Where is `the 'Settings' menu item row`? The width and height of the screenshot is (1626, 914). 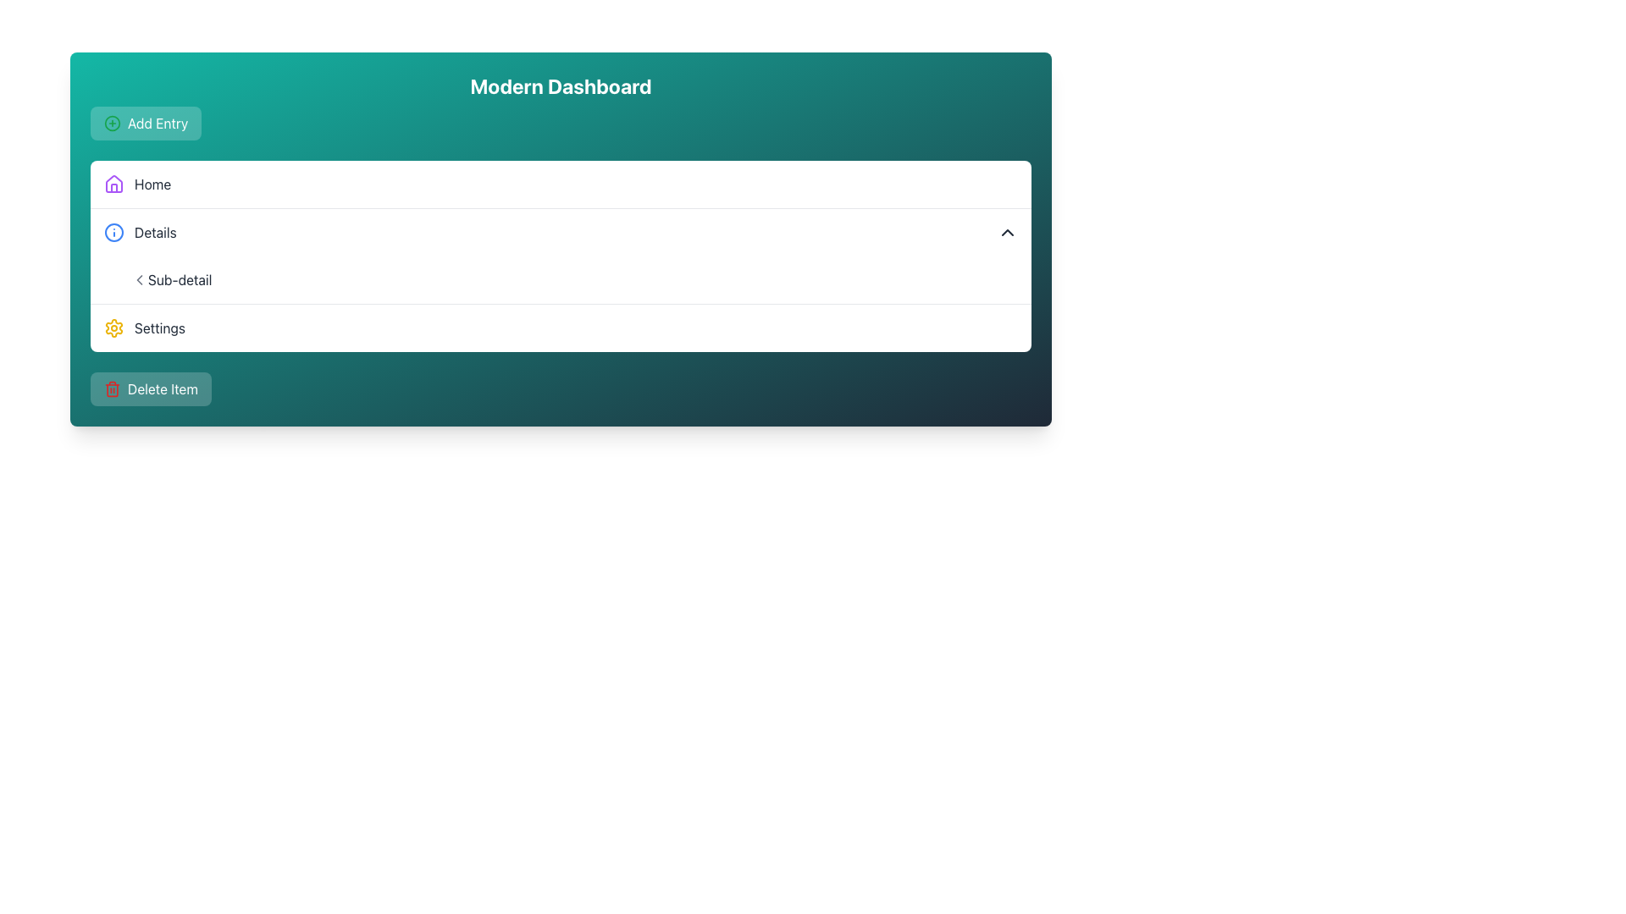 the 'Settings' menu item row is located at coordinates (159, 328).